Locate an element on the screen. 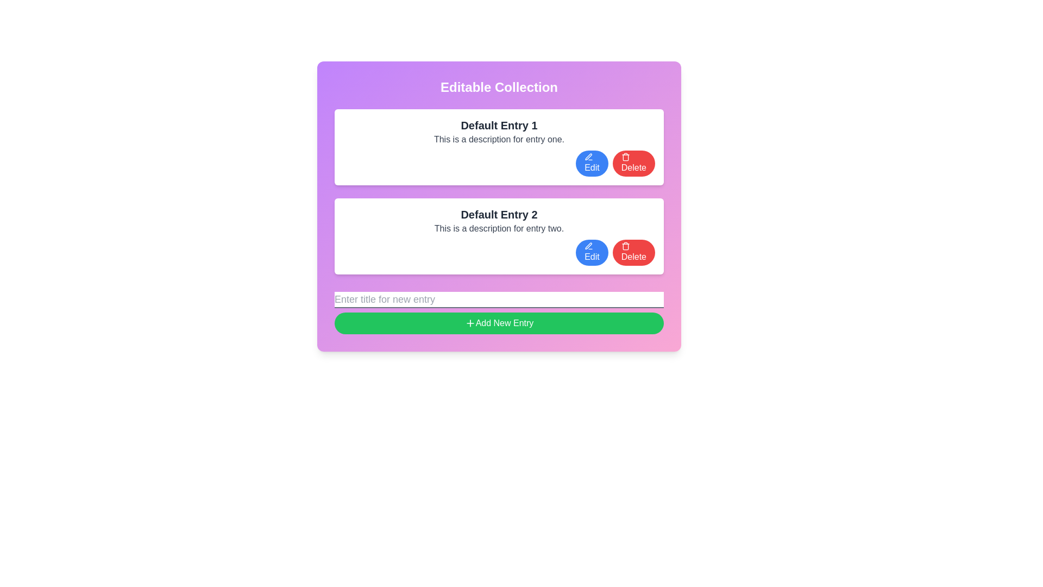  description text 'This is a description for entry one.' from the card component labeled 'Default Entry 1', which is the first card in the list is located at coordinates (498, 147).